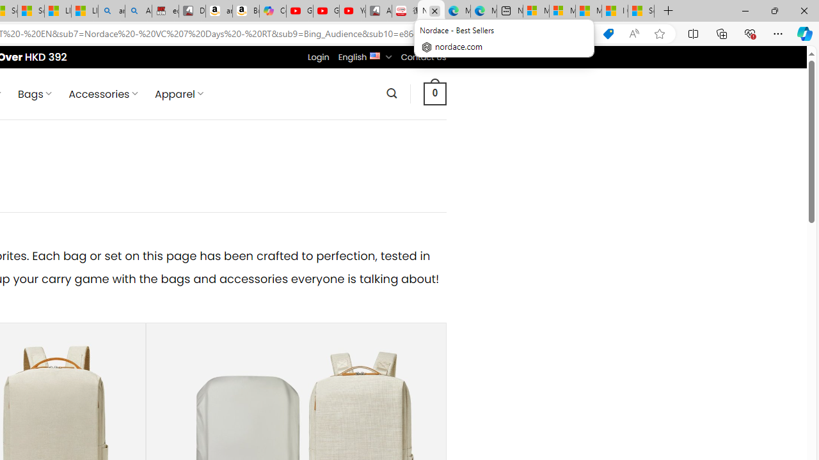 Image resolution: width=819 pixels, height=460 pixels. I want to click on 'Contact Us', so click(423, 56).